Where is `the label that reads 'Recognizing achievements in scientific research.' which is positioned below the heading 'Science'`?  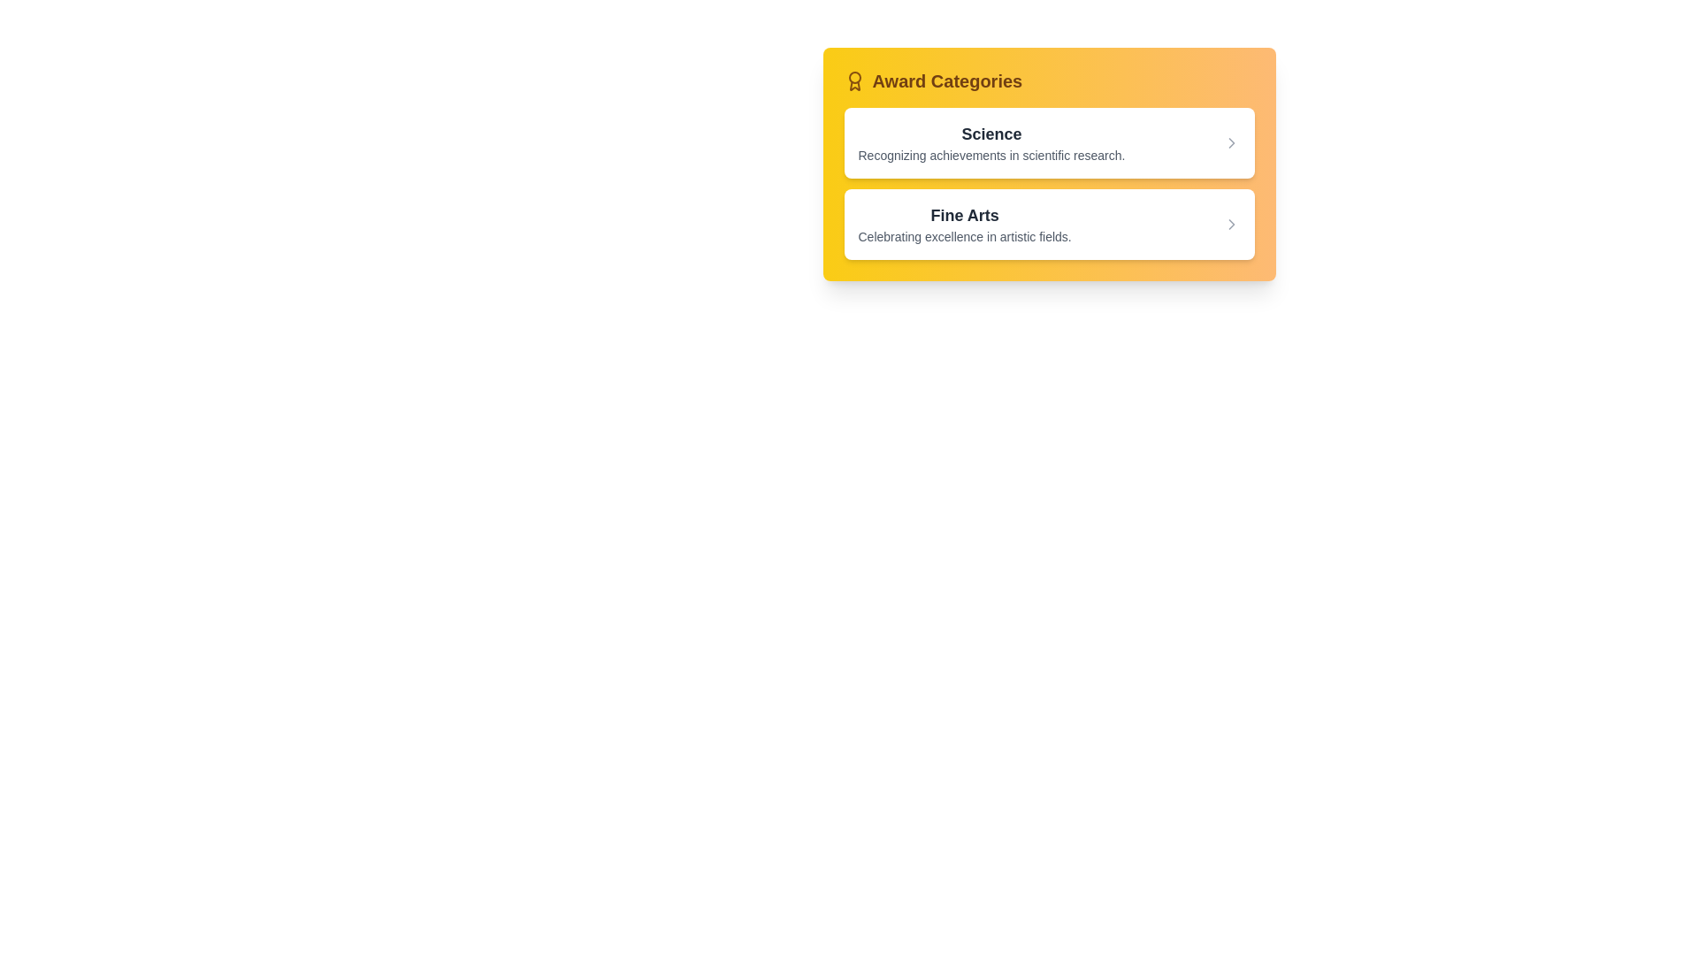
the label that reads 'Recognizing achievements in scientific research.' which is positioned below the heading 'Science' is located at coordinates (991, 155).